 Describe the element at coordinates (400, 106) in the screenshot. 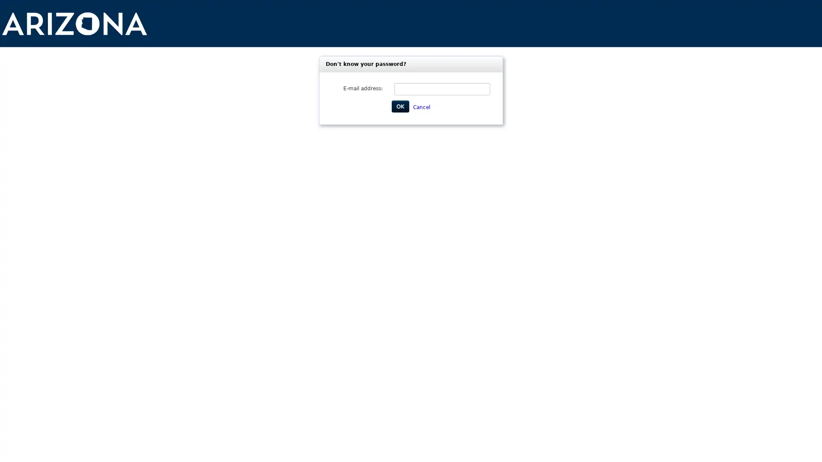

I see `OK` at that location.